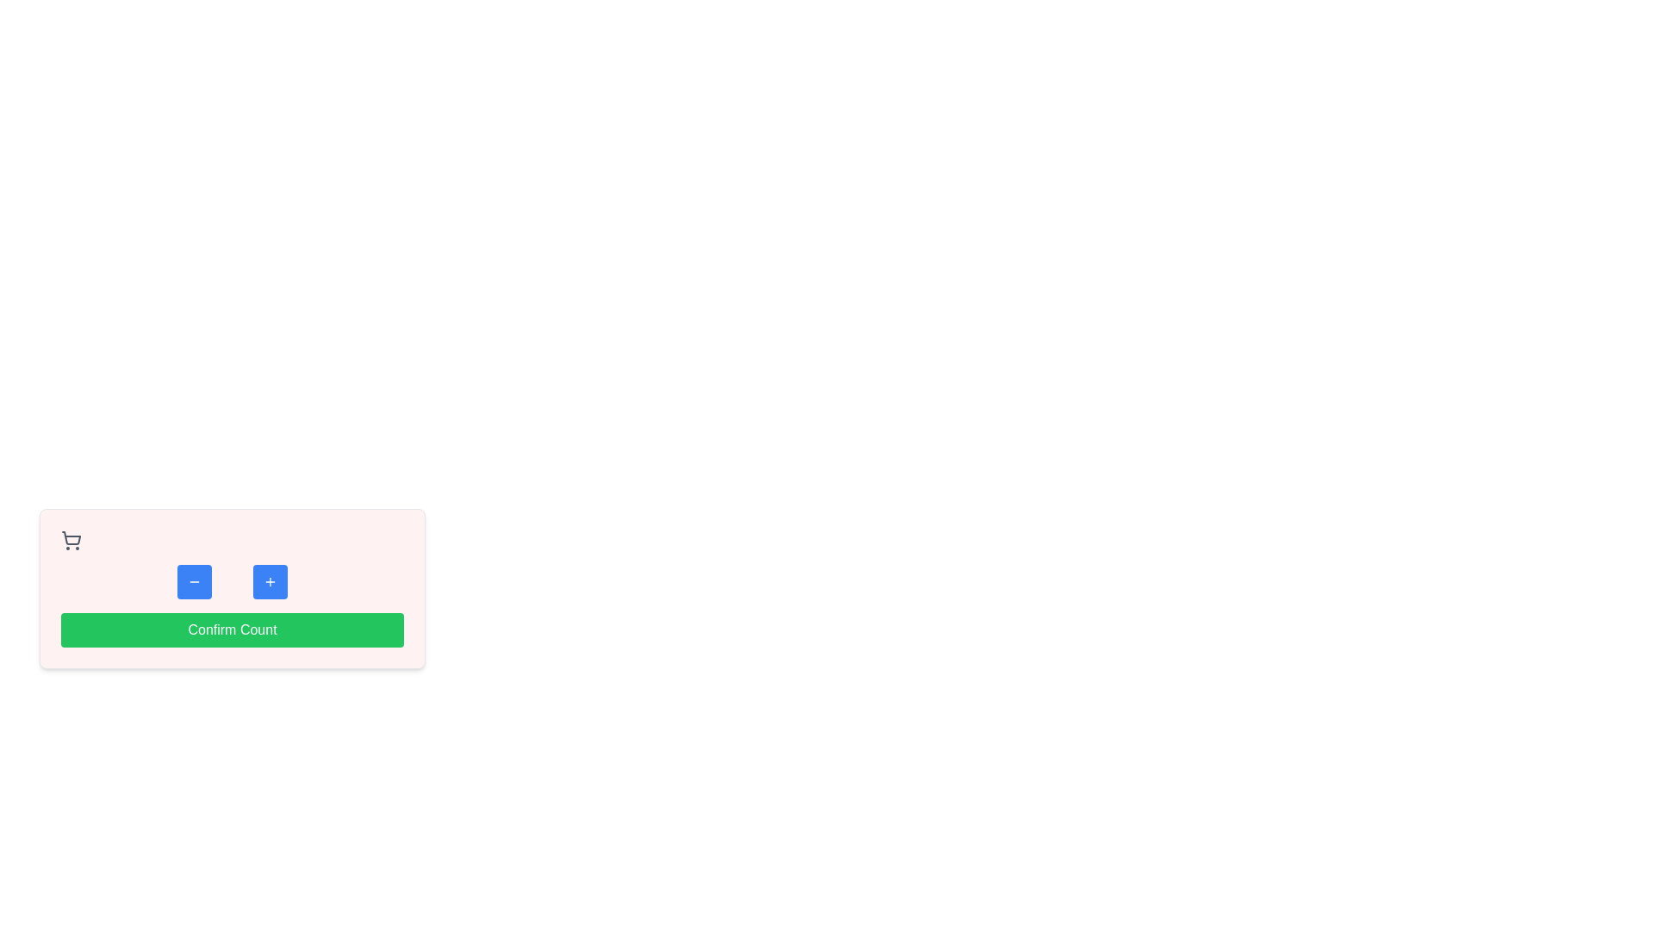 The height and width of the screenshot is (930, 1654). What do you see at coordinates (231, 581) in the screenshot?
I see `the minus button of the numeric adjustment component located in the middle portion of the panel with a light pink background to decrement the count` at bounding box center [231, 581].